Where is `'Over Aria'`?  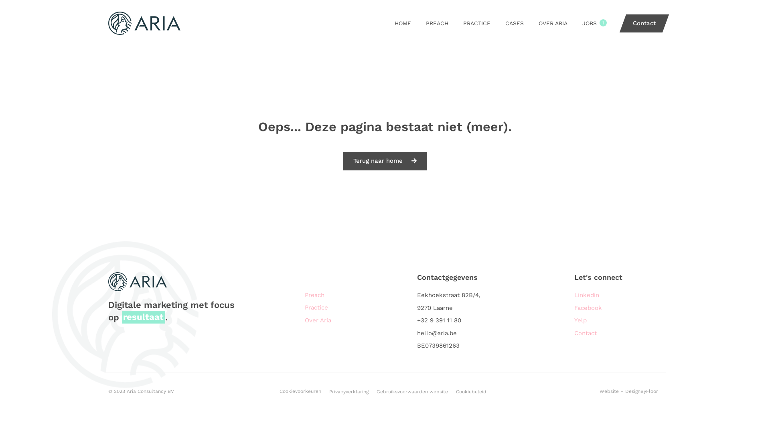
'Over Aria' is located at coordinates (356, 320).